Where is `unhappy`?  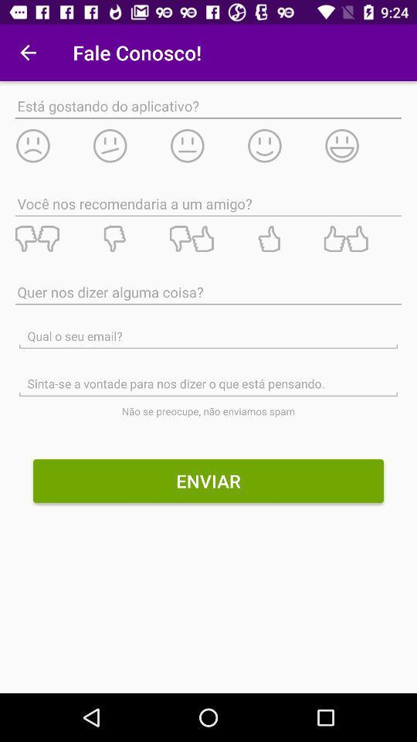
unhappy is located at coordinates (53, 145).